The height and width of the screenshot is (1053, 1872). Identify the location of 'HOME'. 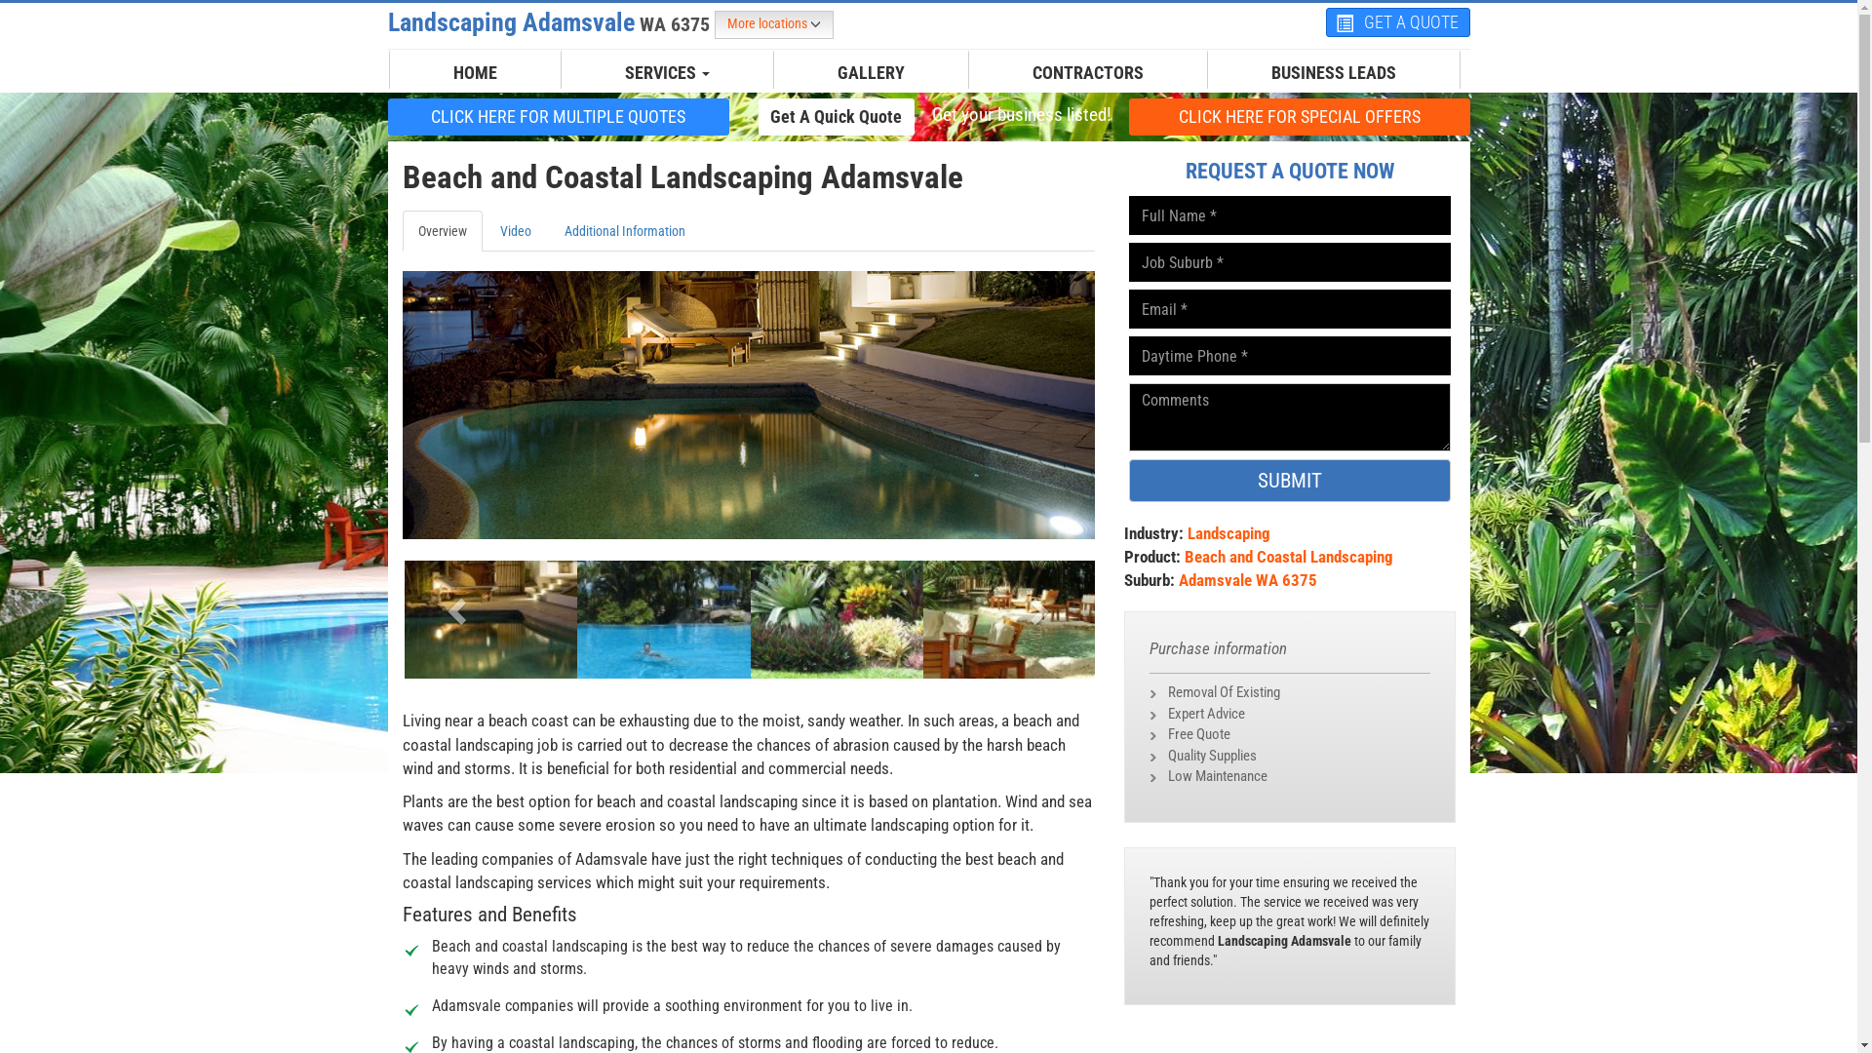
(475, 71).